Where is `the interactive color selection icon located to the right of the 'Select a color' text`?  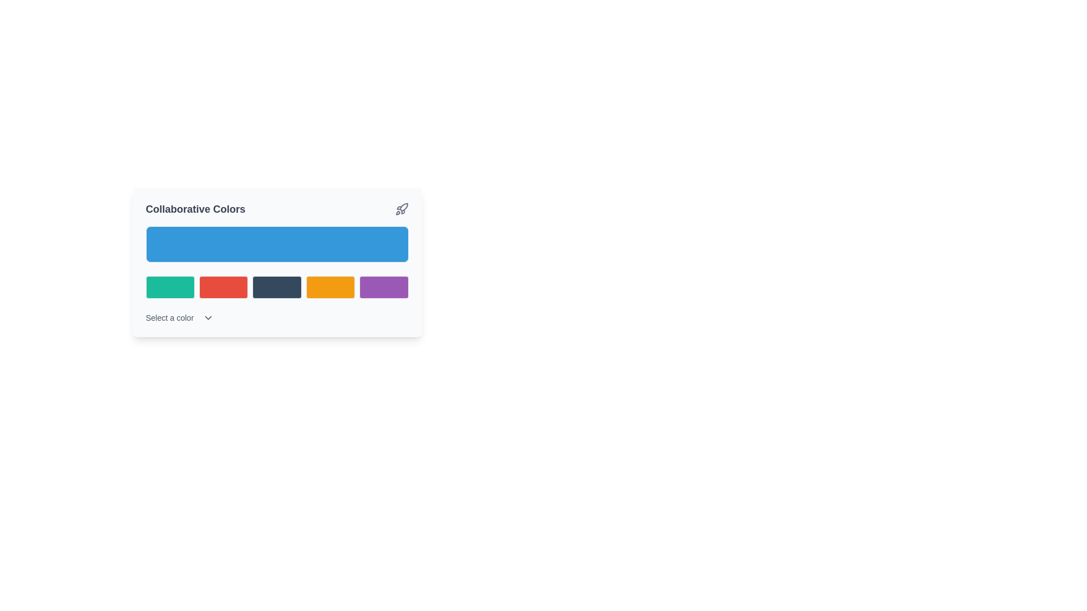
the interactive color selection icon located to the right of the 'Select a color' text is located at coordinates (208, 318).